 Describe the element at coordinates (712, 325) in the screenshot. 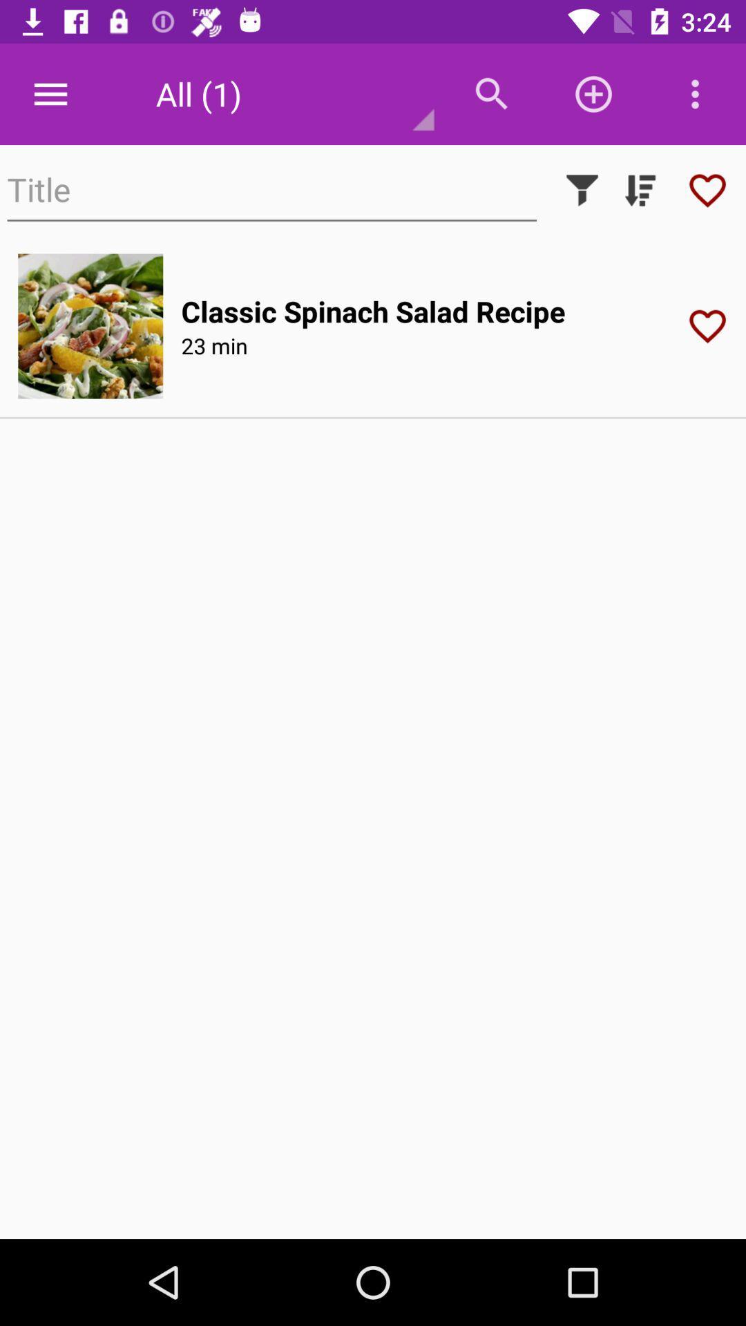

I see `put a recipe into favorite list` at that location.